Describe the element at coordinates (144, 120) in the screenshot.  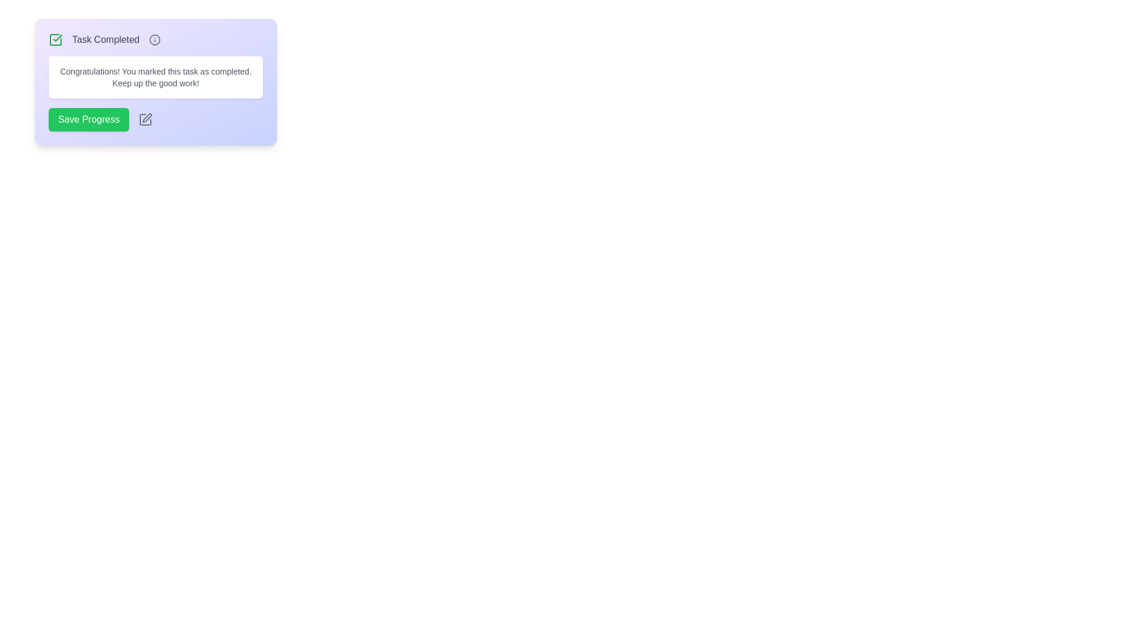
I see `the square outline of the 'Edit Task' icon located to the right of the 'Save Progress' button within the task completion confirmation card` at that location.